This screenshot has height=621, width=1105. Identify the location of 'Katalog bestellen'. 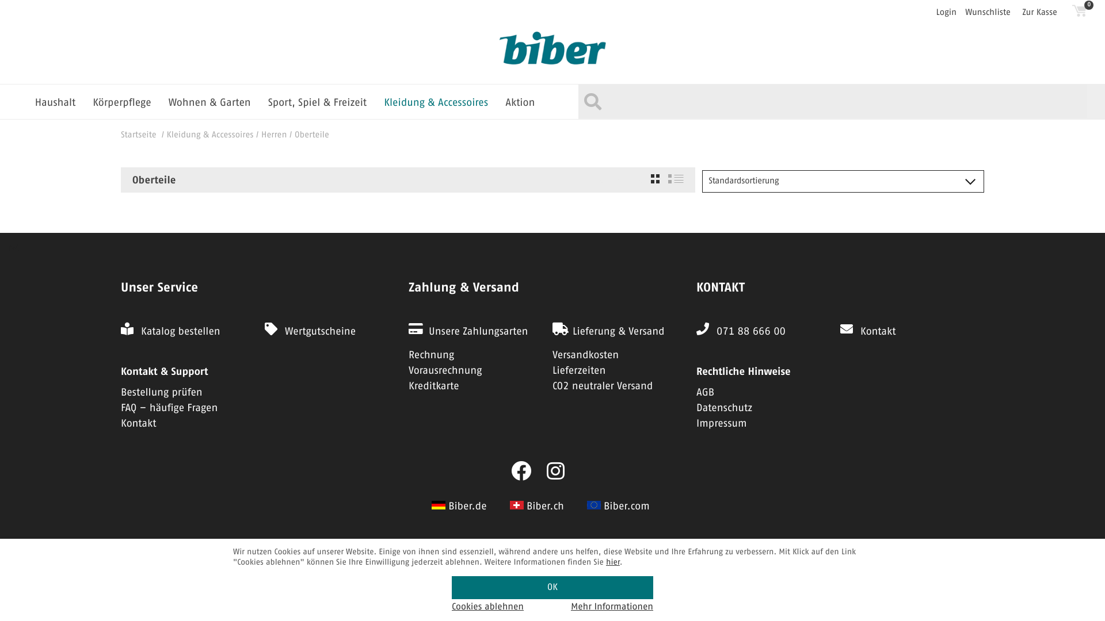
(180, 332).